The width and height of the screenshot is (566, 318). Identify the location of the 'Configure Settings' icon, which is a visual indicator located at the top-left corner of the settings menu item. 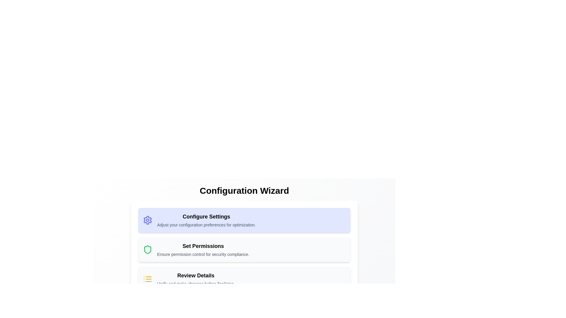
(147, 220).